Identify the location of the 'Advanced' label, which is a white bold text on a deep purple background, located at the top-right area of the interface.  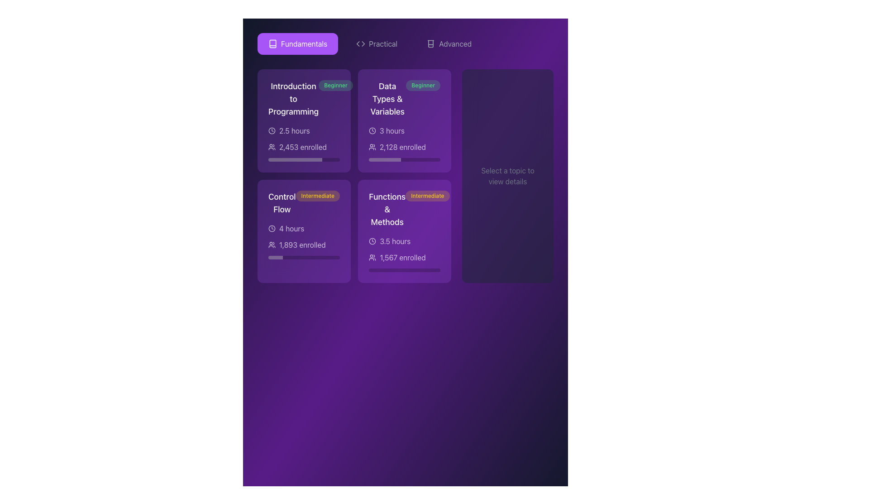
(455, 43).